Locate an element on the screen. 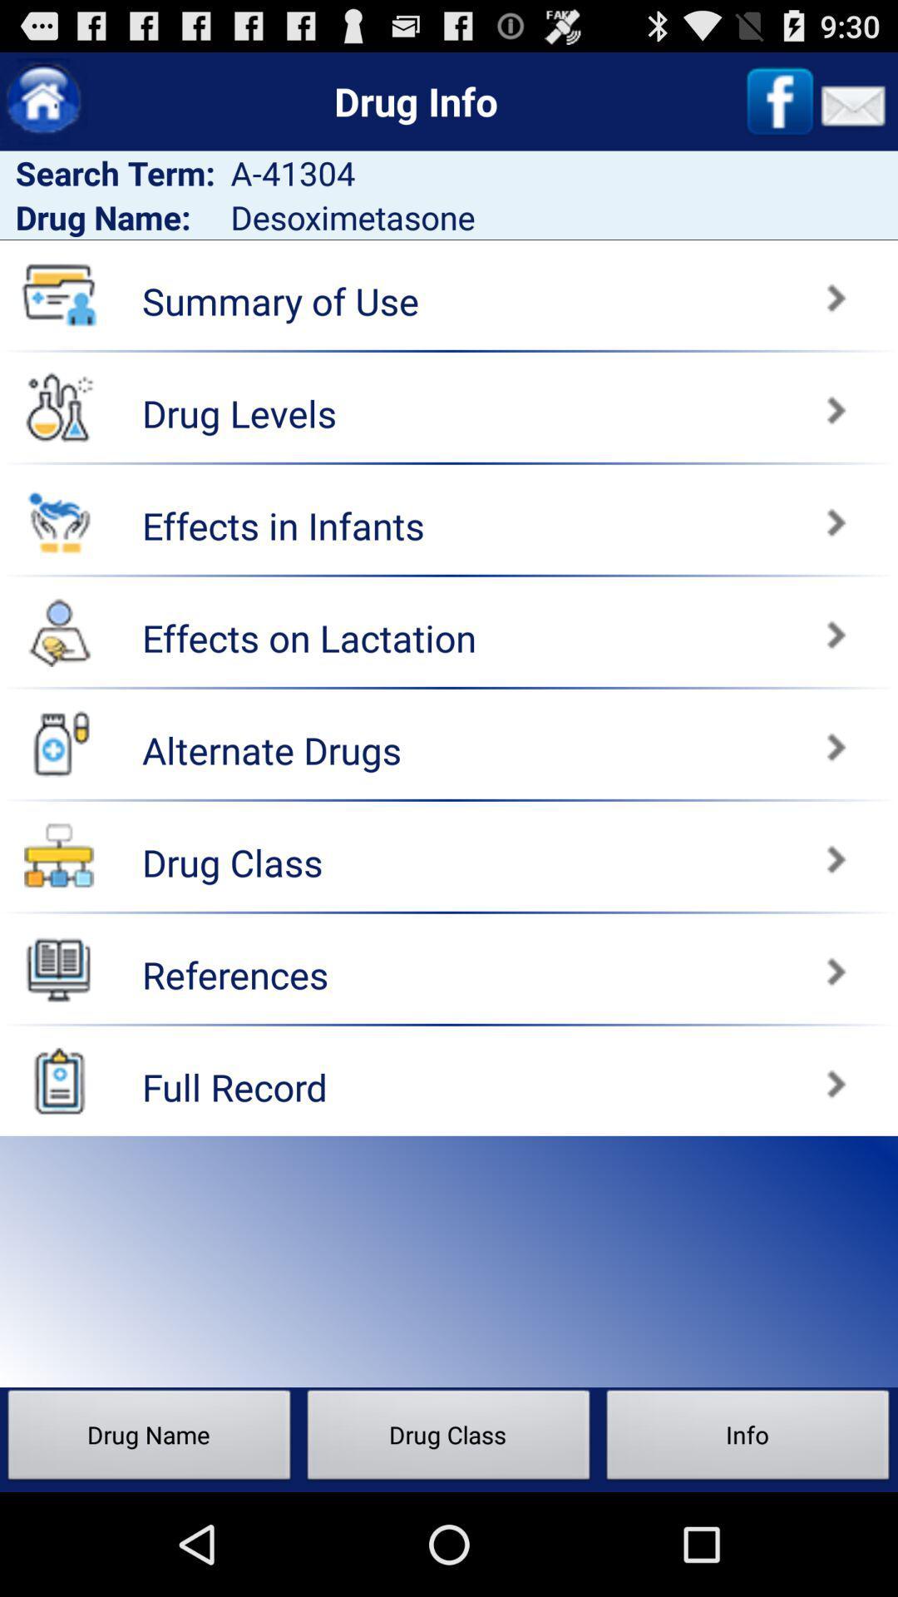 This screenshot has width=898, height=1597. alternate drugs is located at coordinates (677, 738).